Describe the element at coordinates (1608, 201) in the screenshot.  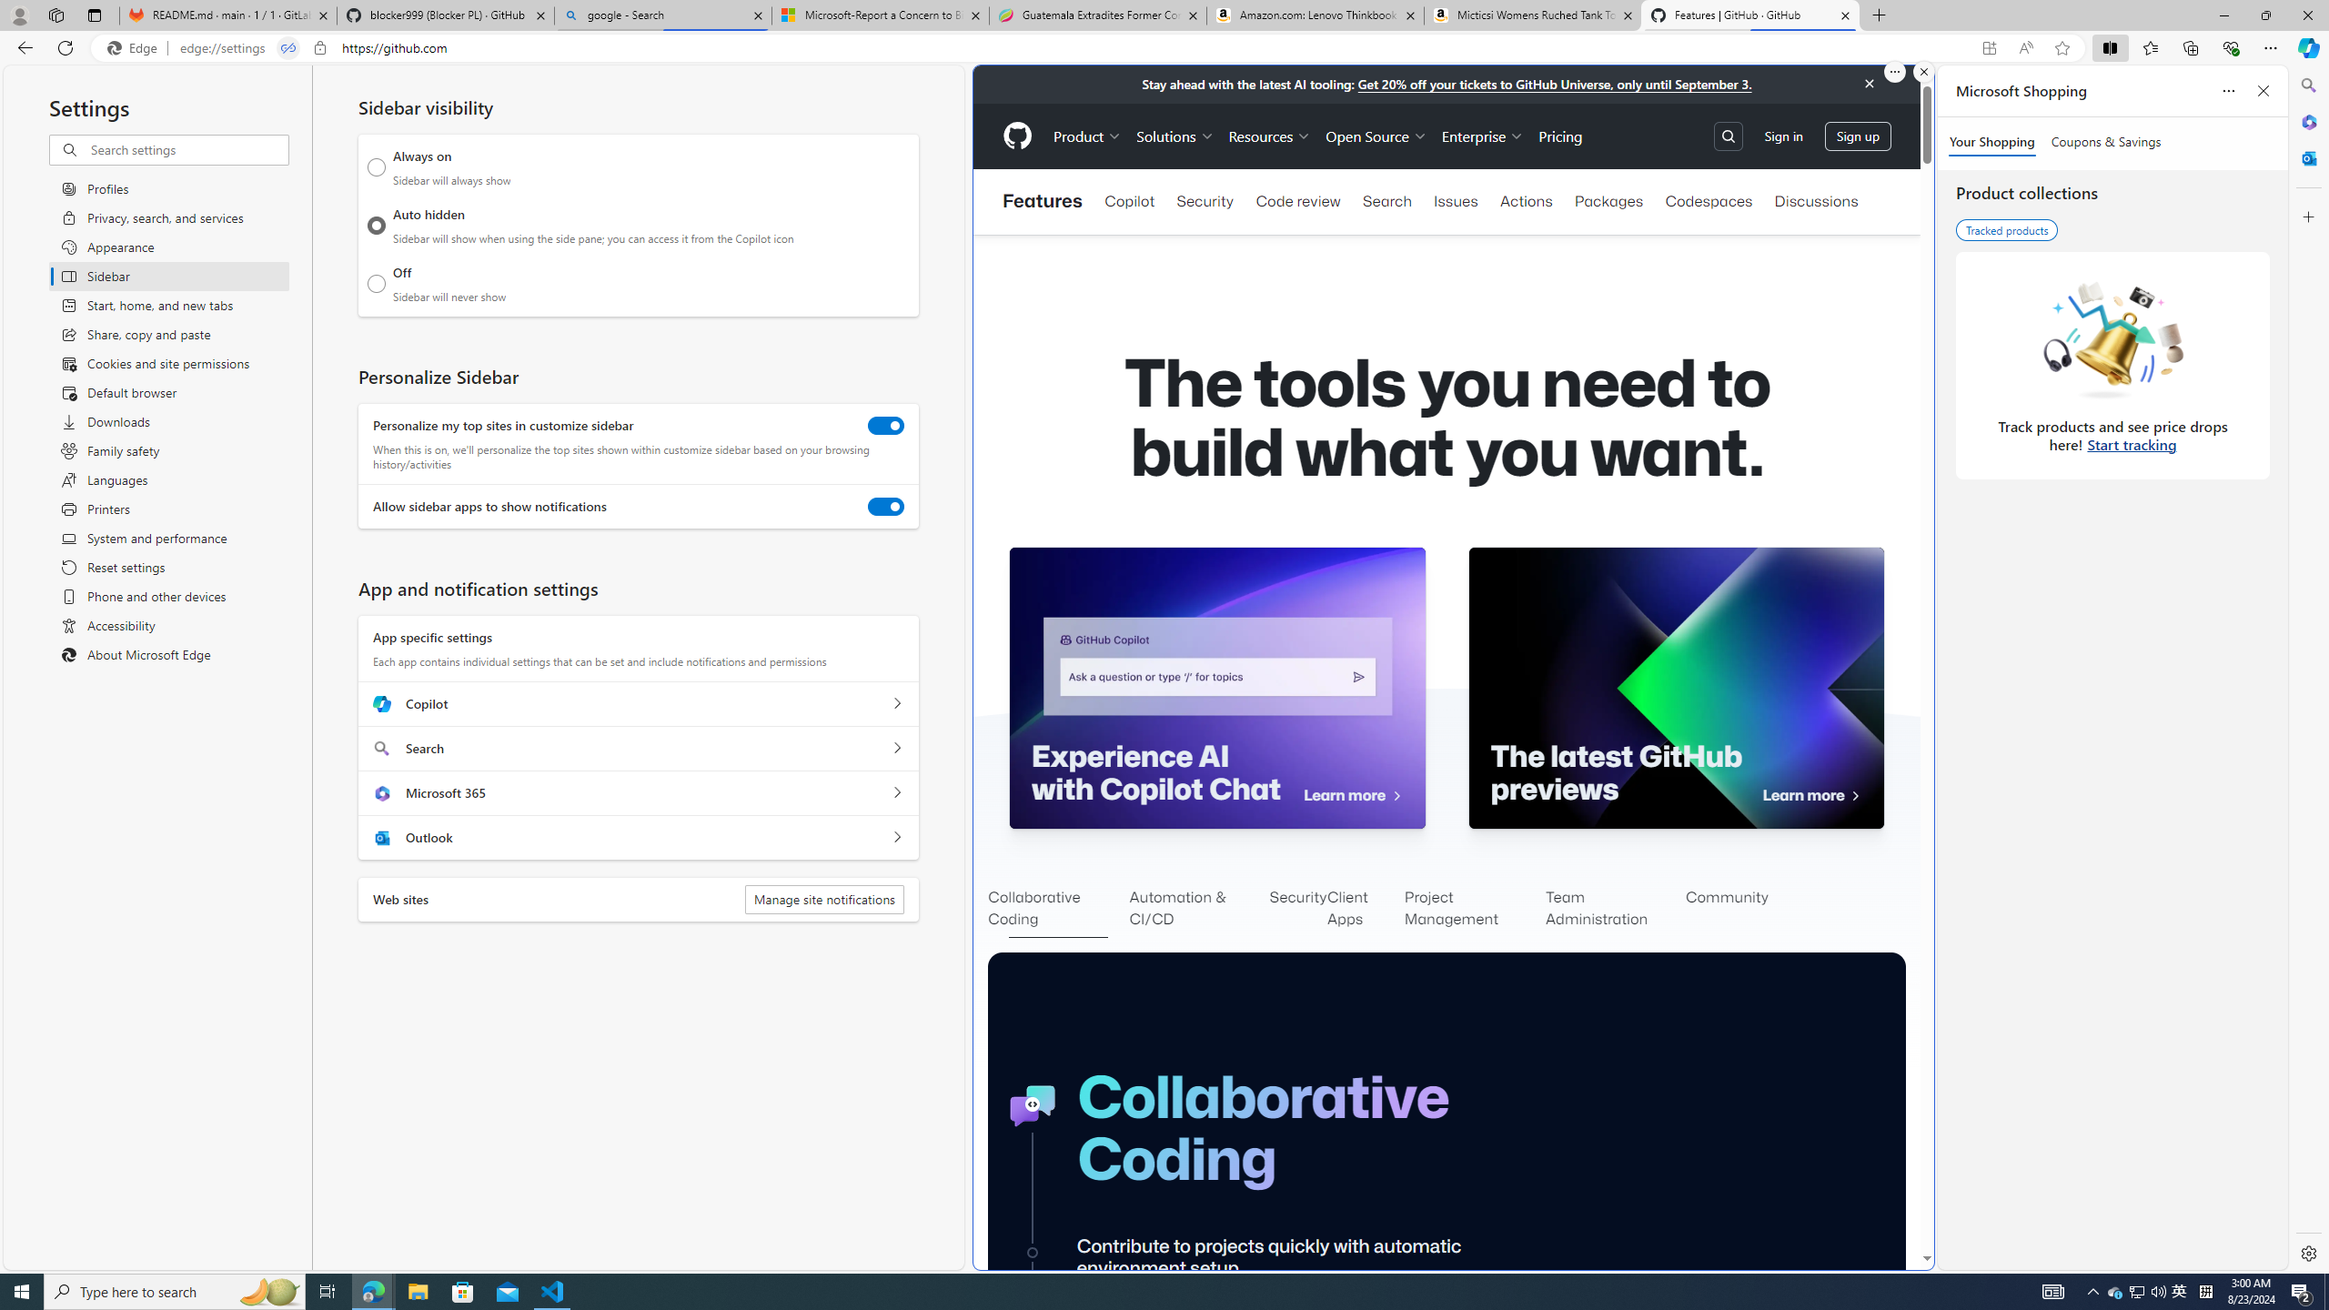
I see `'Packages'` at that location.